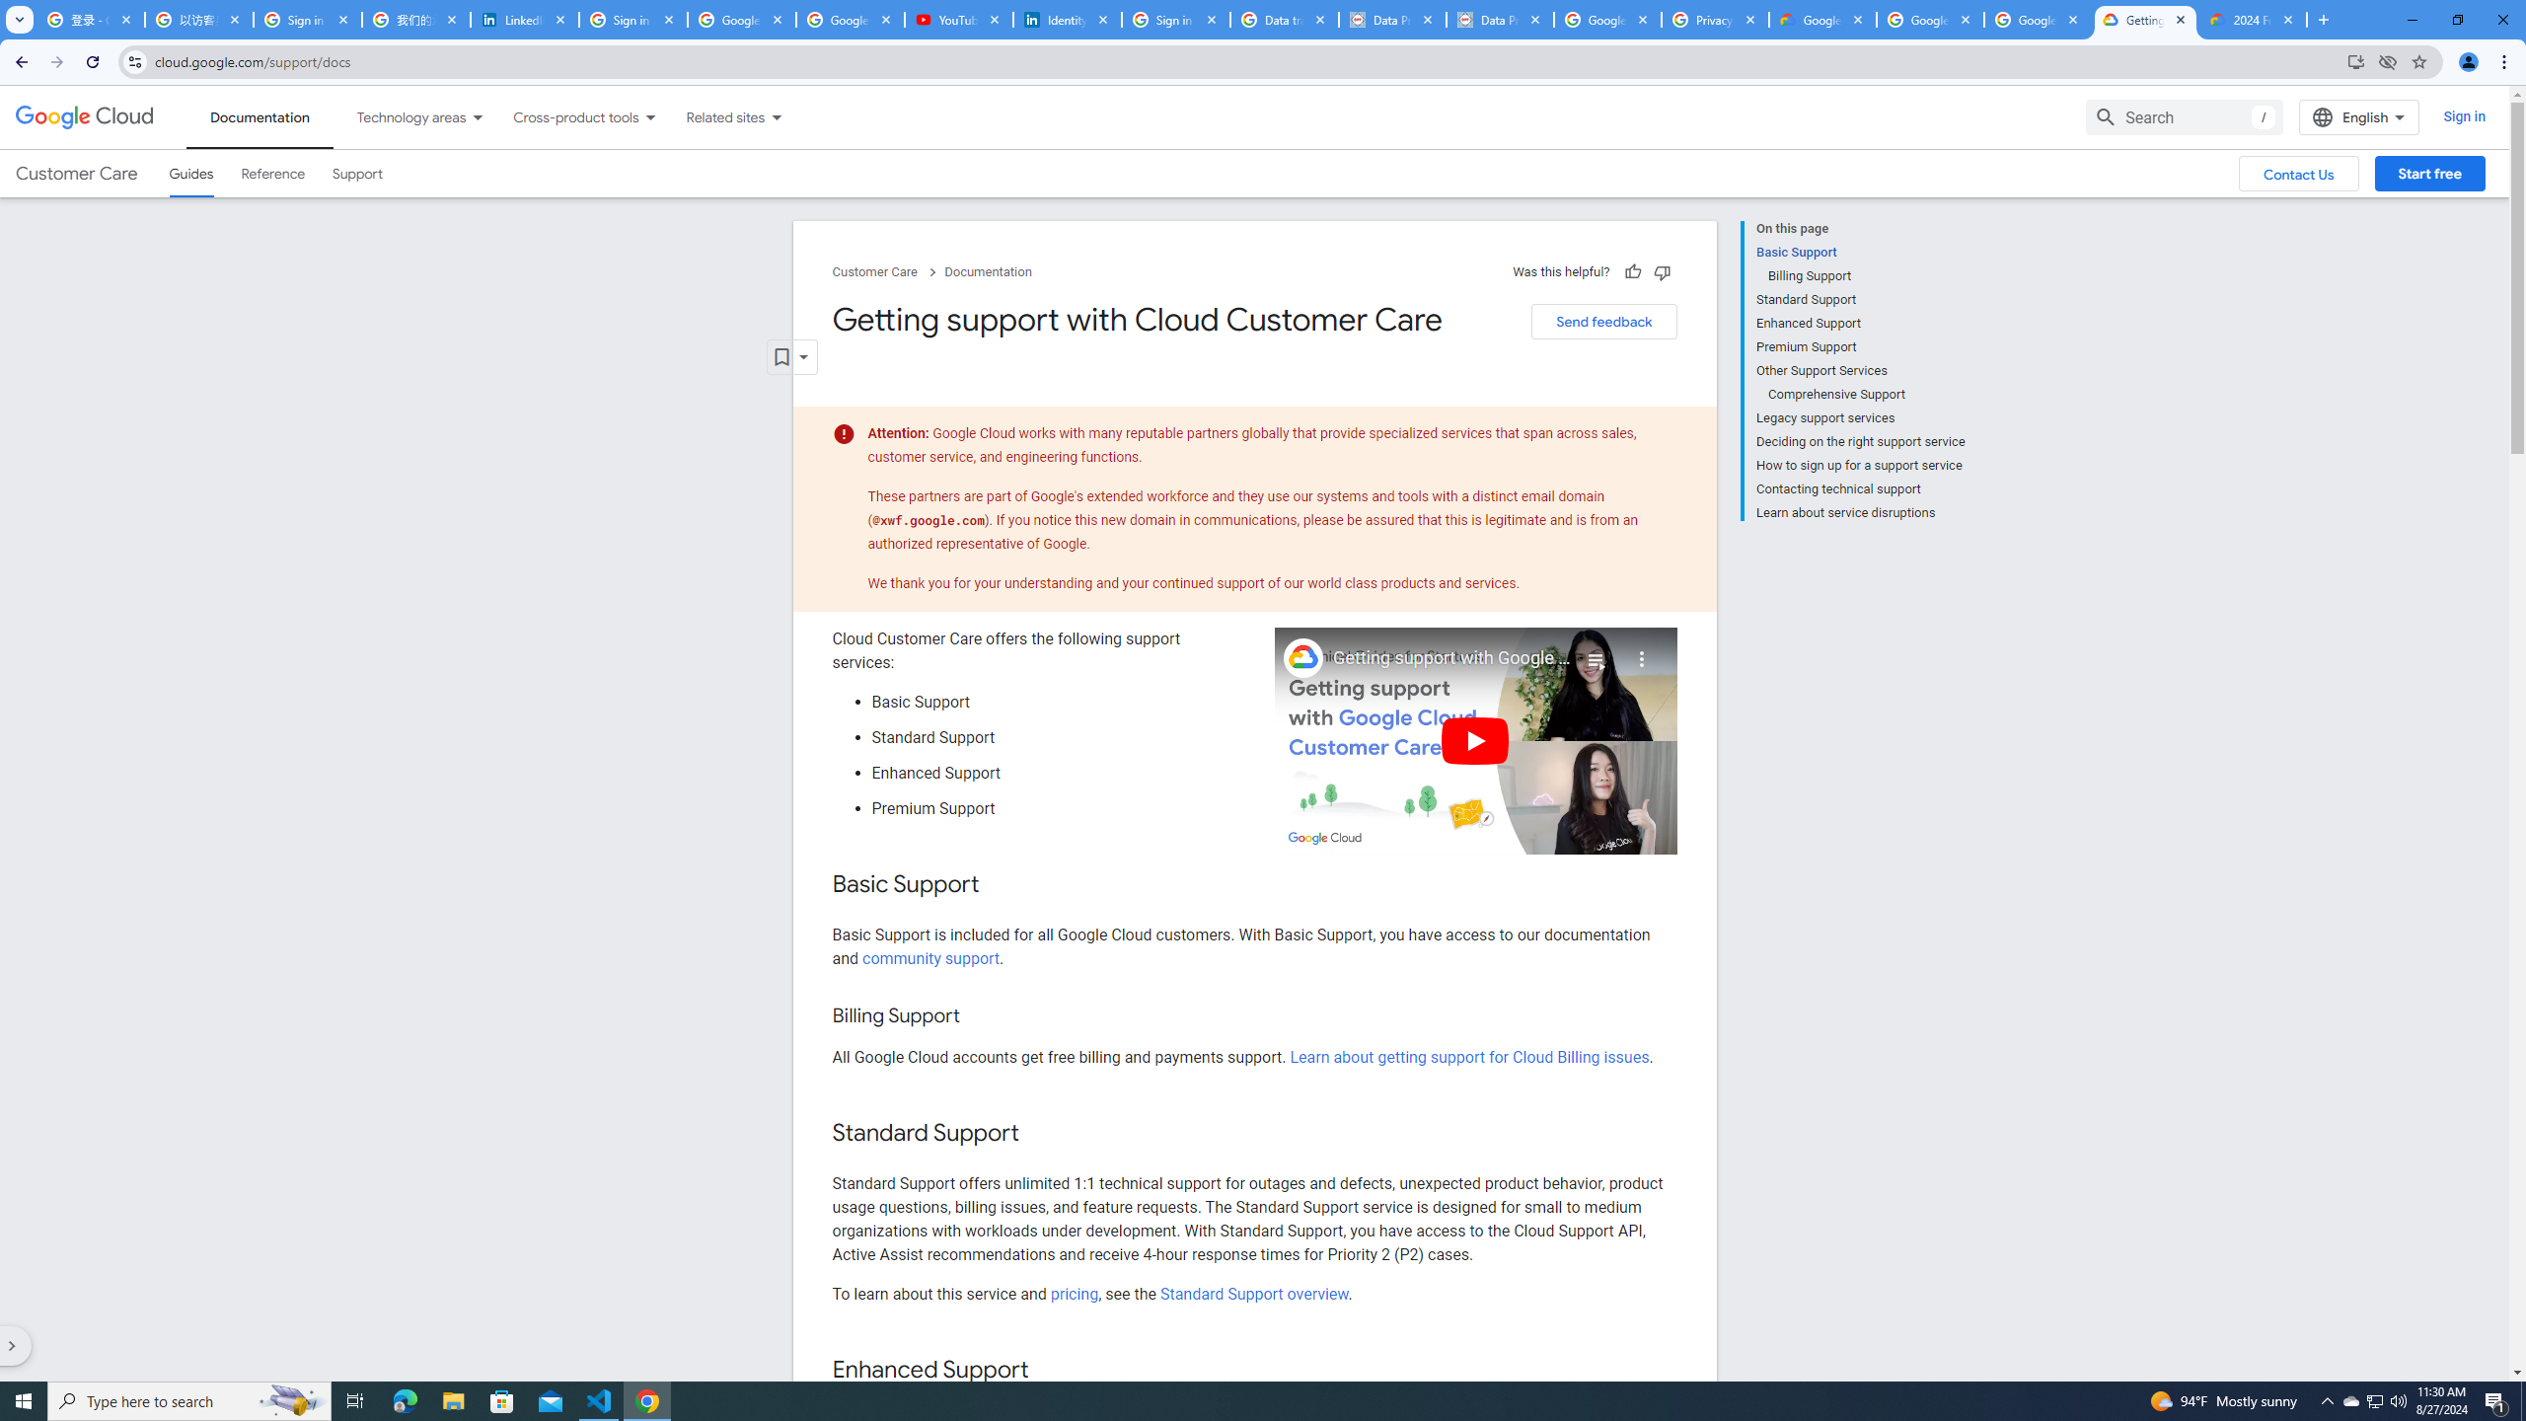 The height and width of the screenshot is (1421, 2526). Describe the element at coordinates (2356, 60) in the screenshot. I see `'Install Google Cloud'` at that location.